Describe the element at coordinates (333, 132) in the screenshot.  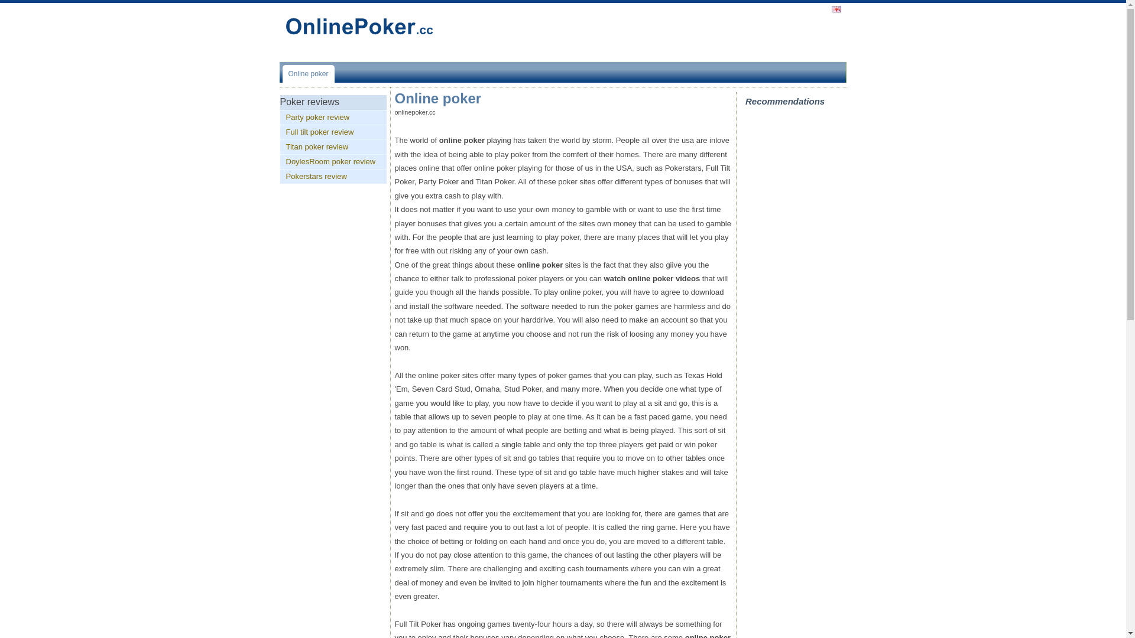
I see `'Full tilt poker review'` at that location.